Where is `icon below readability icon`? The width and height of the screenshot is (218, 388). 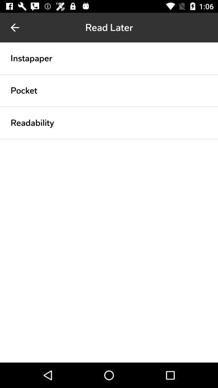
icon below readability icon is located at coordinates (109, 139).